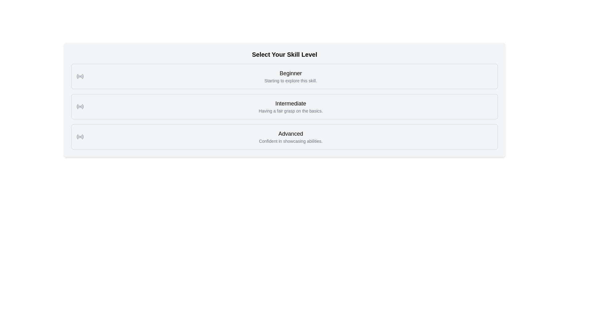  What do you see at coordinates (284, 136) in the screenshot?
I see `the selectable option labeled 'Advanced' in the skill level selection, which is the third option in the series` at bounding box center [284, 136].